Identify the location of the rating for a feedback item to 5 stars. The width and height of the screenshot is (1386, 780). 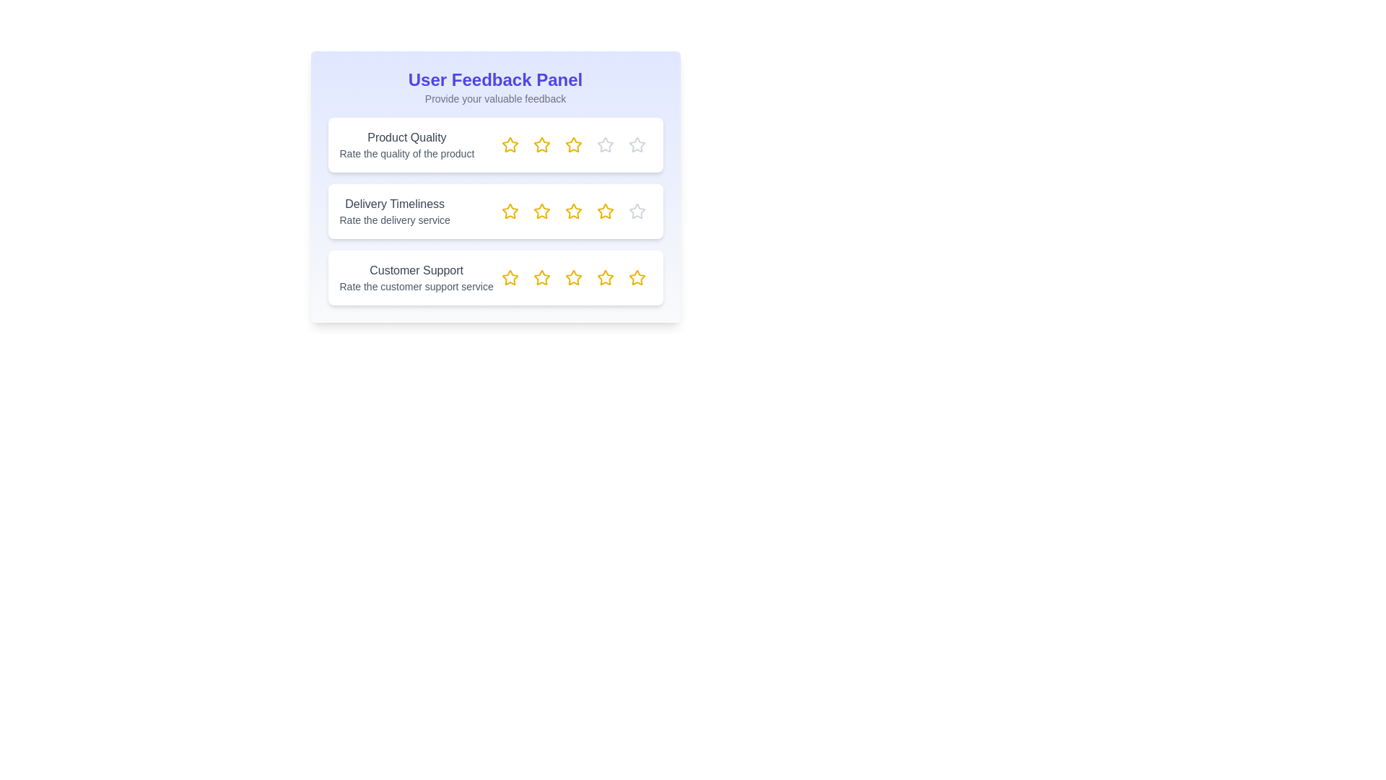
(636, 144).